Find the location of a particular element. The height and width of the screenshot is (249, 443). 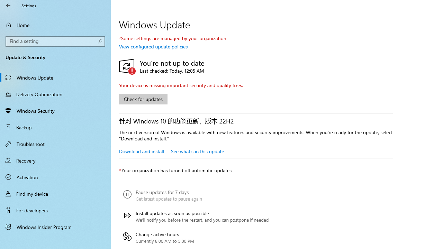

'Find my device' is located at coordinates (55, 193).